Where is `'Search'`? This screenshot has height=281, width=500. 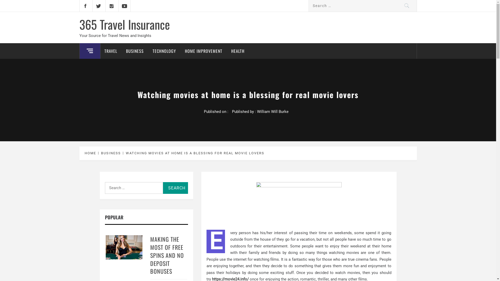 'Search' is located at coordinates (175, 188).